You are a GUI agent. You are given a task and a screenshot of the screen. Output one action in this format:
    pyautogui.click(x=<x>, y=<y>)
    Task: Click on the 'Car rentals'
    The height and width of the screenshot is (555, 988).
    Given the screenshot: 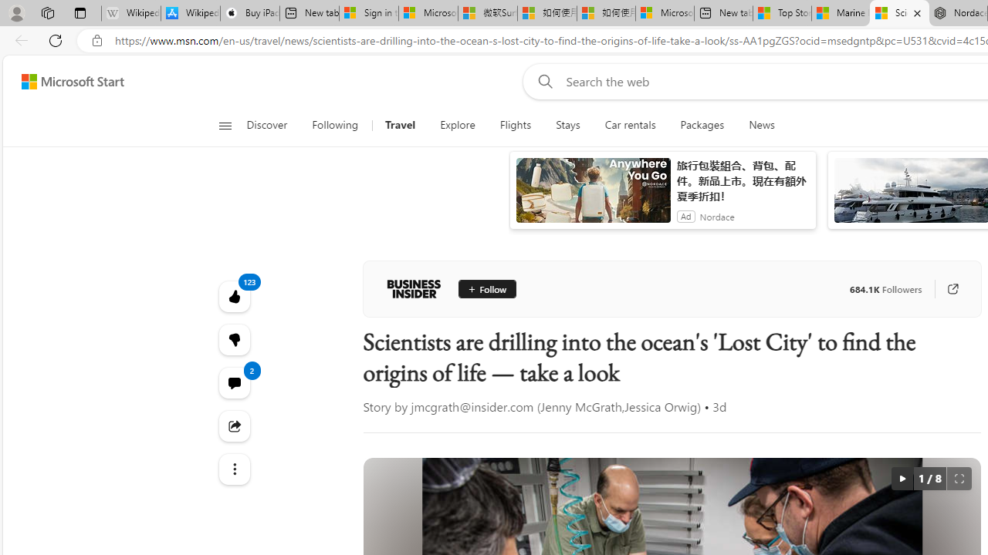 What is the action you would take?
    pyautogui.click(x=630, y=125)
    